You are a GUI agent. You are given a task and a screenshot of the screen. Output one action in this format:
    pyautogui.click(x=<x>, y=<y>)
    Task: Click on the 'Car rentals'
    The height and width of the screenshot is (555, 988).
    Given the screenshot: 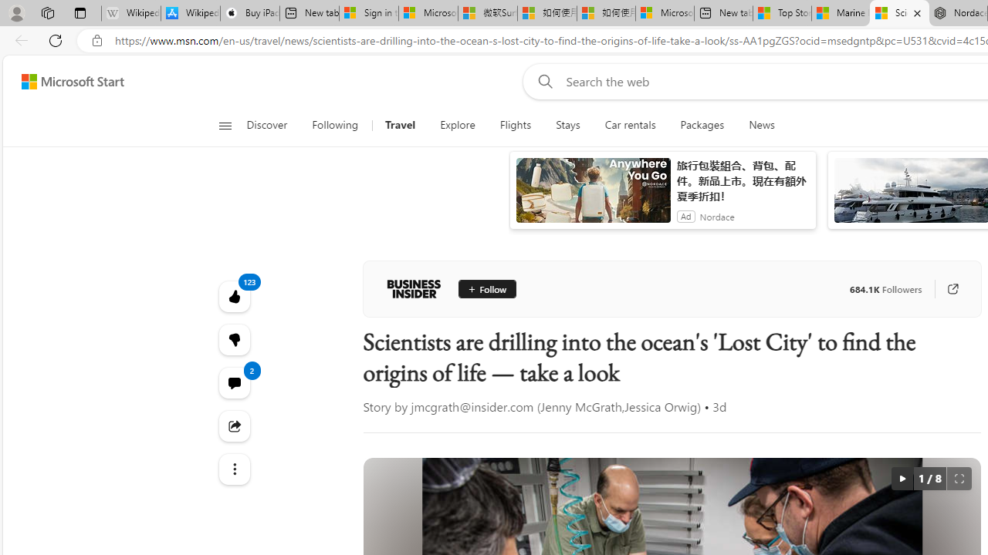 What is the action you would take?
    pyautogui.click(x=630, y=125)
    